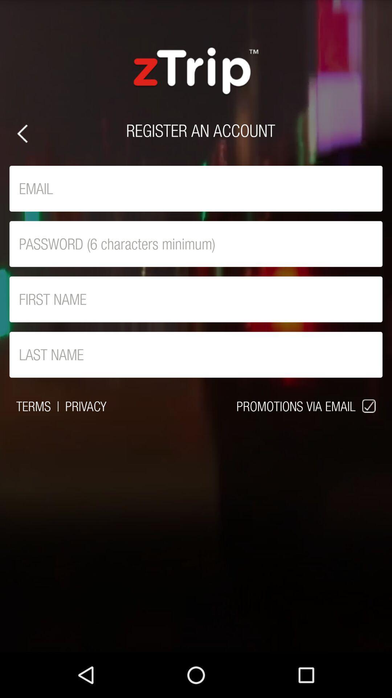  What do you see at coordinates (85, 406) in the screenshot?
I see `item next to promotions via email item` at bounding box center [85, 406].